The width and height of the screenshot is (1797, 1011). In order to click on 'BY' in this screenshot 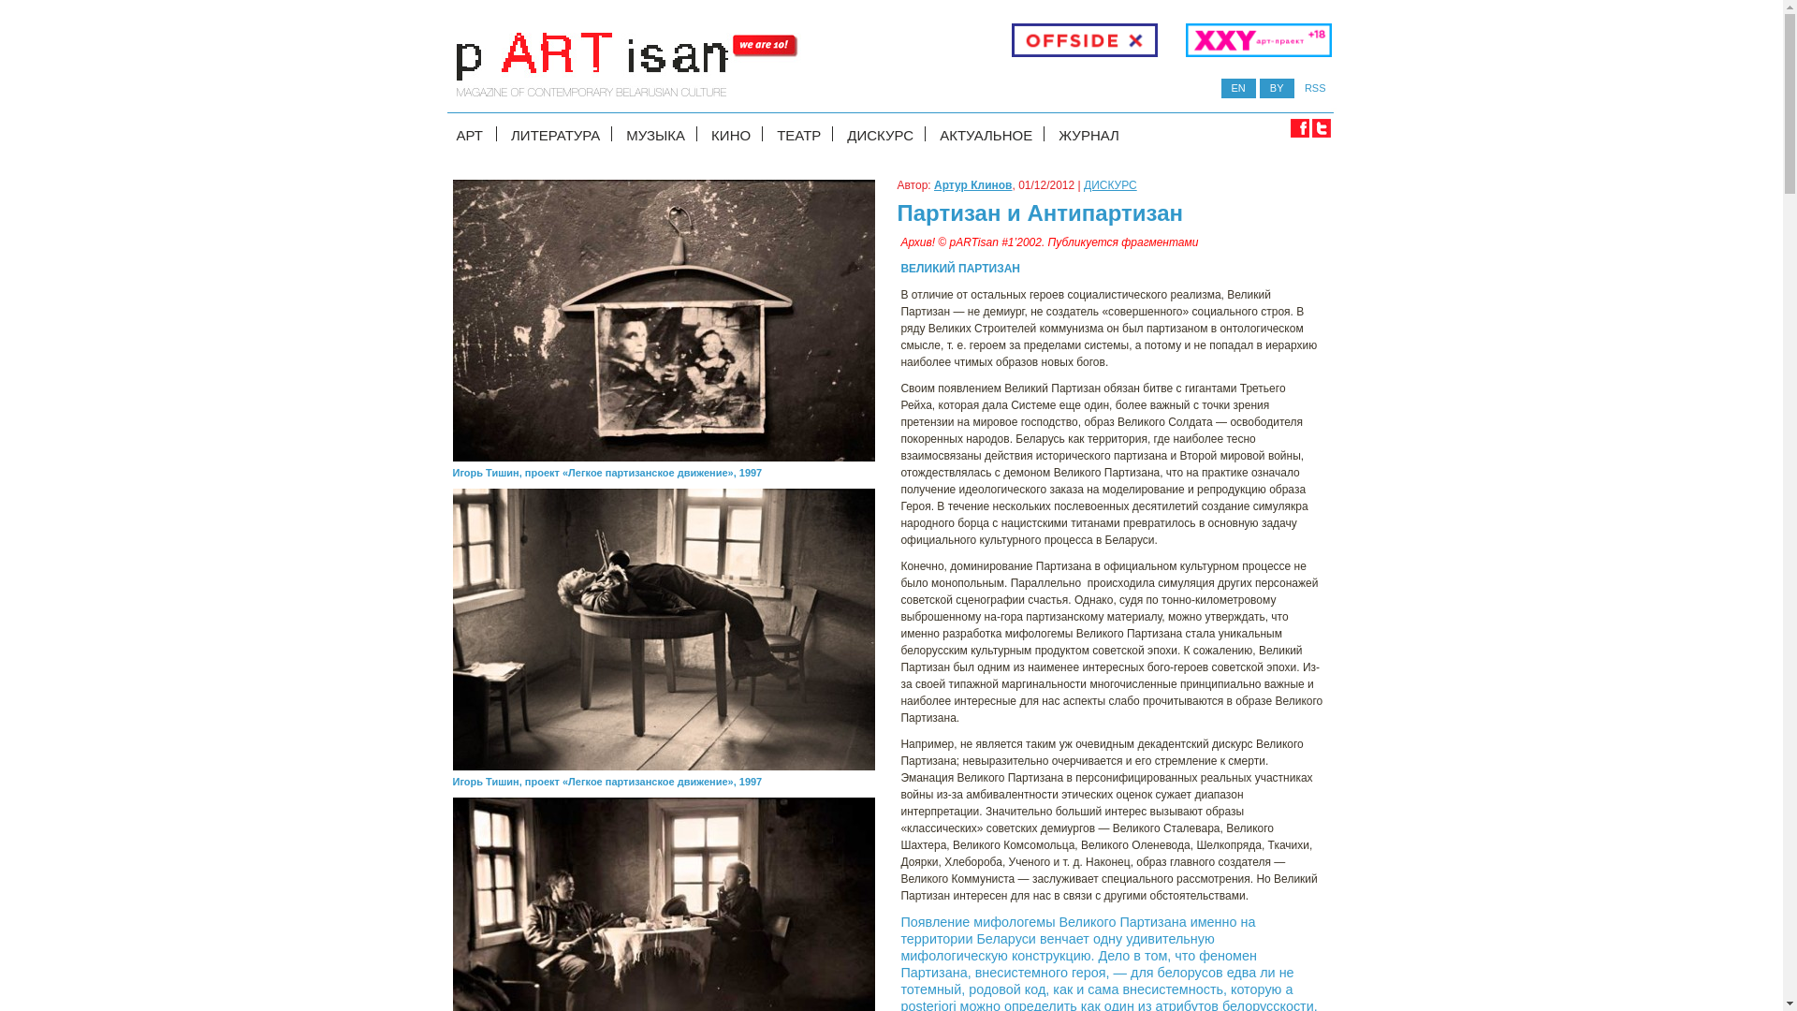, I will do `click(1276, 88)`.